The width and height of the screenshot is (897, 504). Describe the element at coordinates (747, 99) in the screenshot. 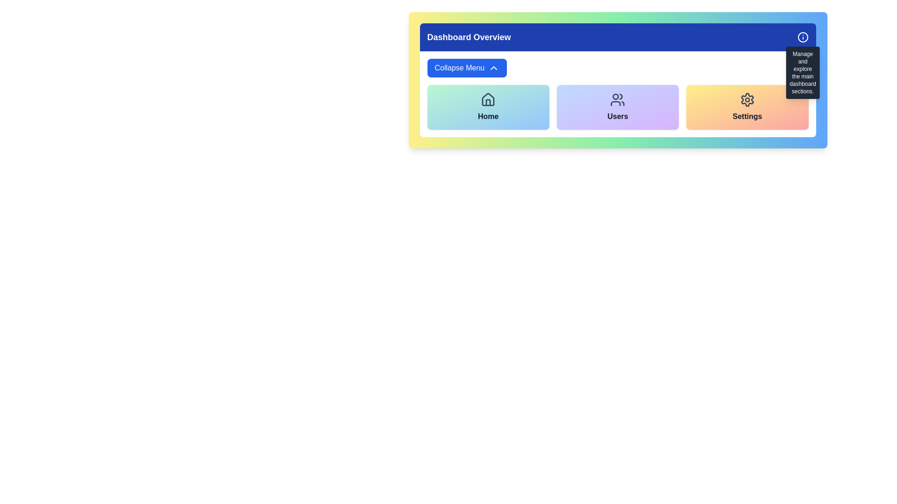

I see `the settings icon located to the right of the 'Settings' section, which indicates configuration options for the application` at that location.